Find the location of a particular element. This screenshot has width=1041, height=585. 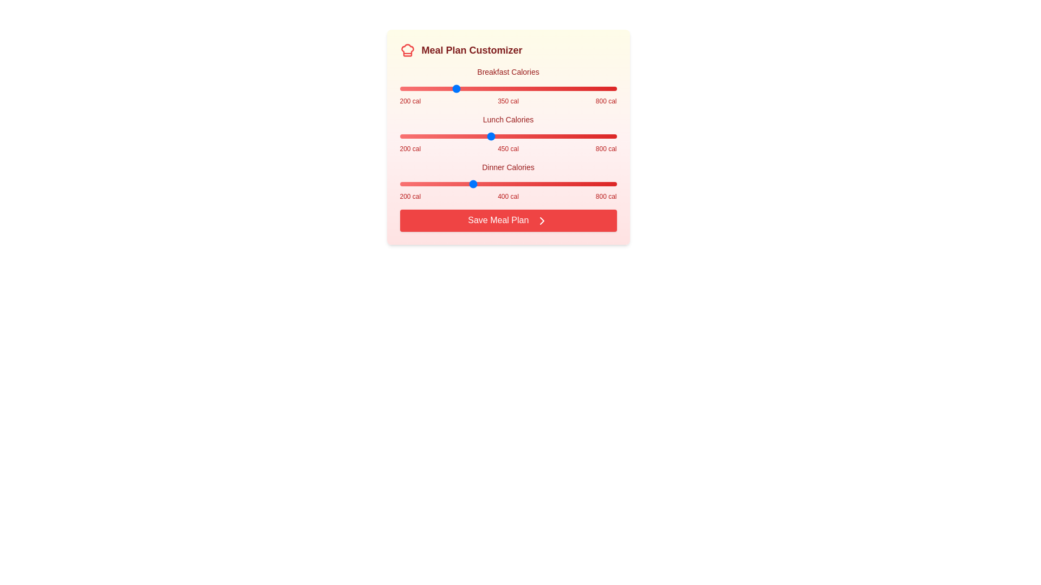

'Save Meal Plan' button is located at coordinates (507, 220).